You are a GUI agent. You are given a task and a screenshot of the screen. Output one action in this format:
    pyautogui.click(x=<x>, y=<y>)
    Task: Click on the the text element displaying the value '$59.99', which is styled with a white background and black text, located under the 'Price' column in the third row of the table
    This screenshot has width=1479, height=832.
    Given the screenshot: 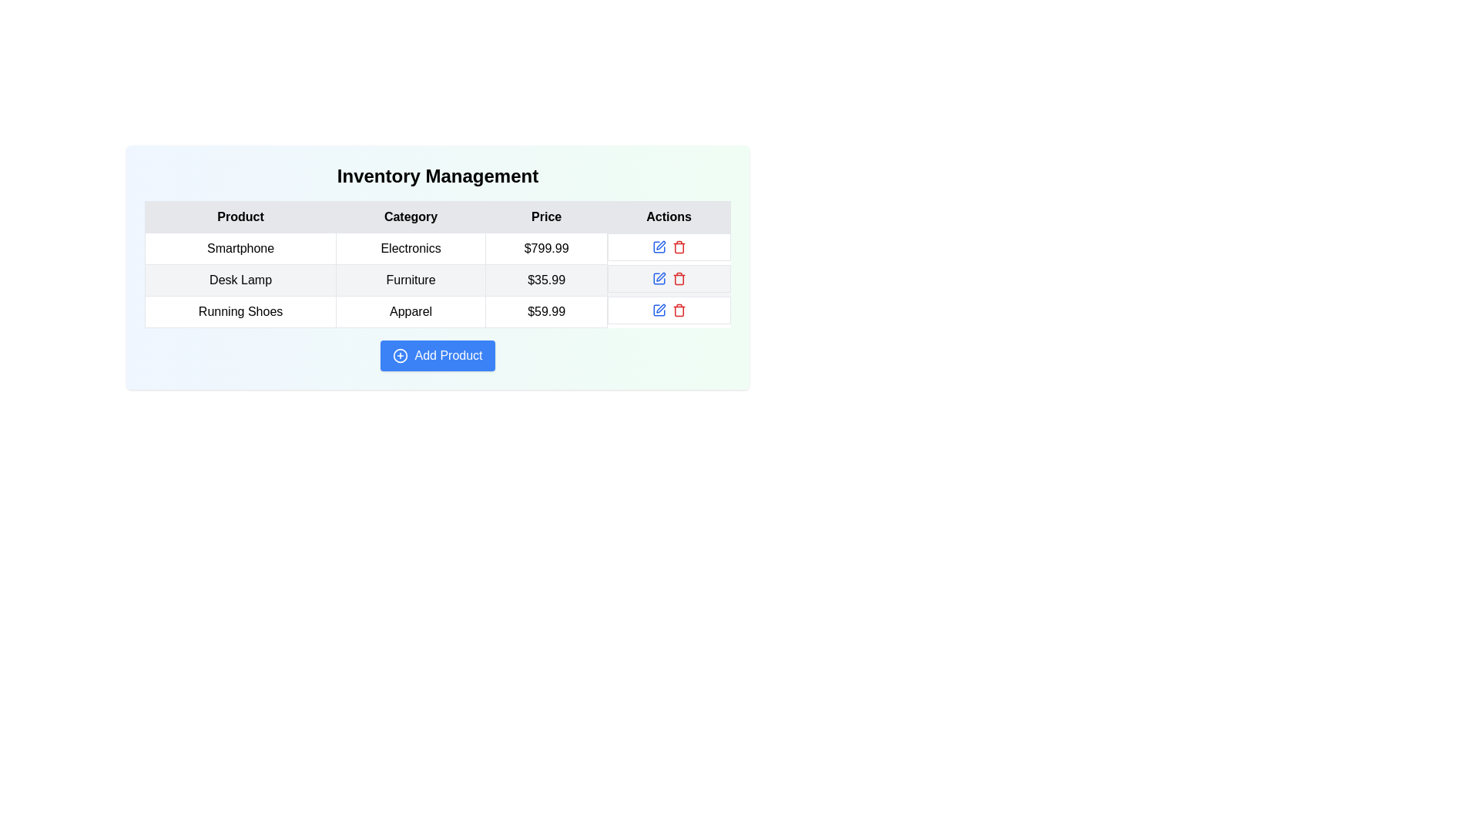 What is the action you would take?
    pyautogui.click(x=546, y=312)
    